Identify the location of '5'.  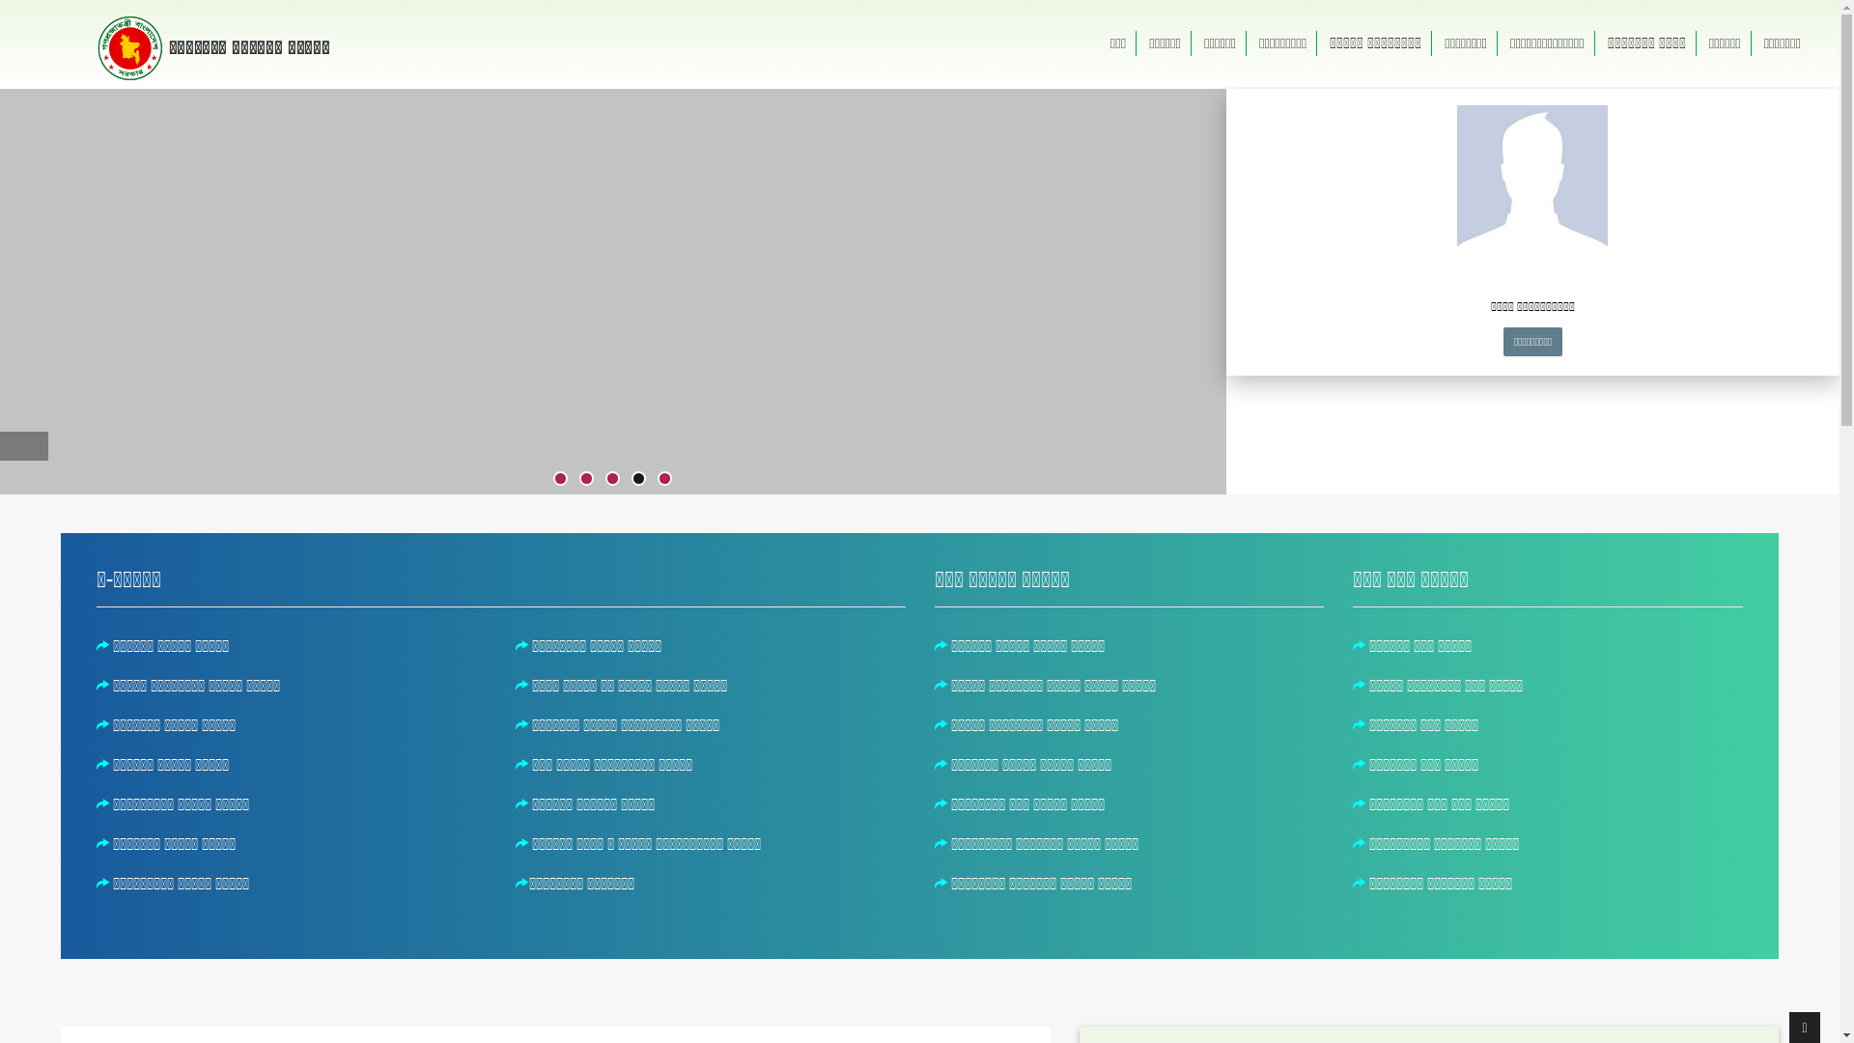
(664, 478).